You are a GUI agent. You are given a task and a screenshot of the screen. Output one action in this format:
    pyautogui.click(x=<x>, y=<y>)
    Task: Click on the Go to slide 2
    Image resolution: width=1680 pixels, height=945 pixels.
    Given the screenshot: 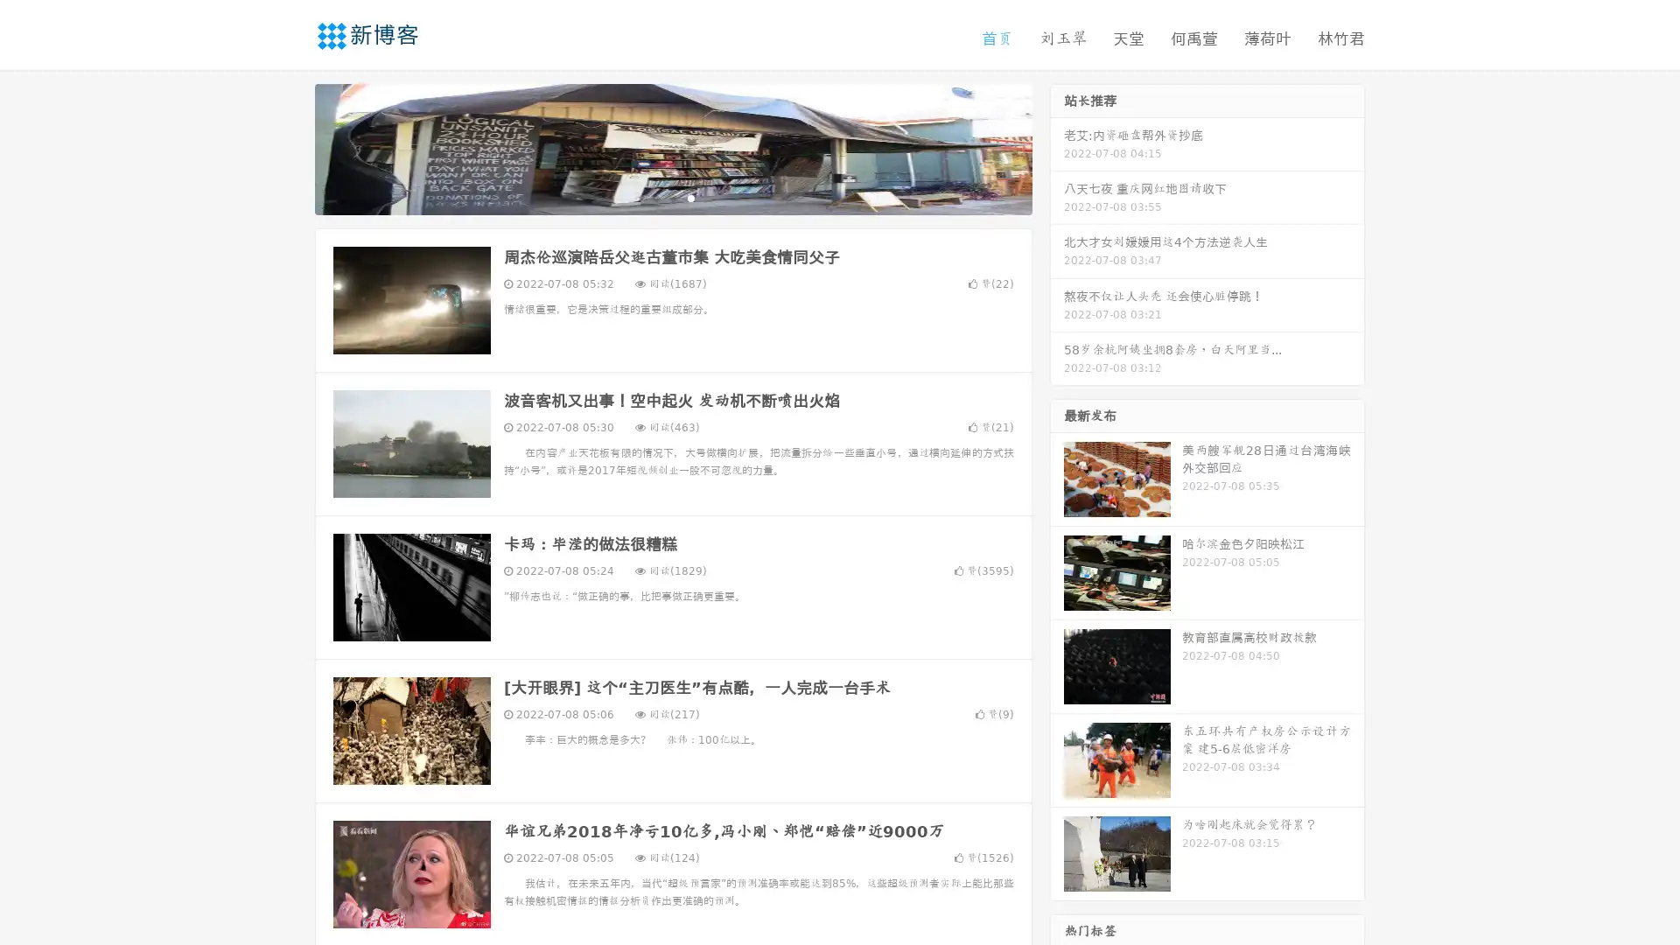 What is the action you would take?
    pyautogui.click(x=672, y=197)
    